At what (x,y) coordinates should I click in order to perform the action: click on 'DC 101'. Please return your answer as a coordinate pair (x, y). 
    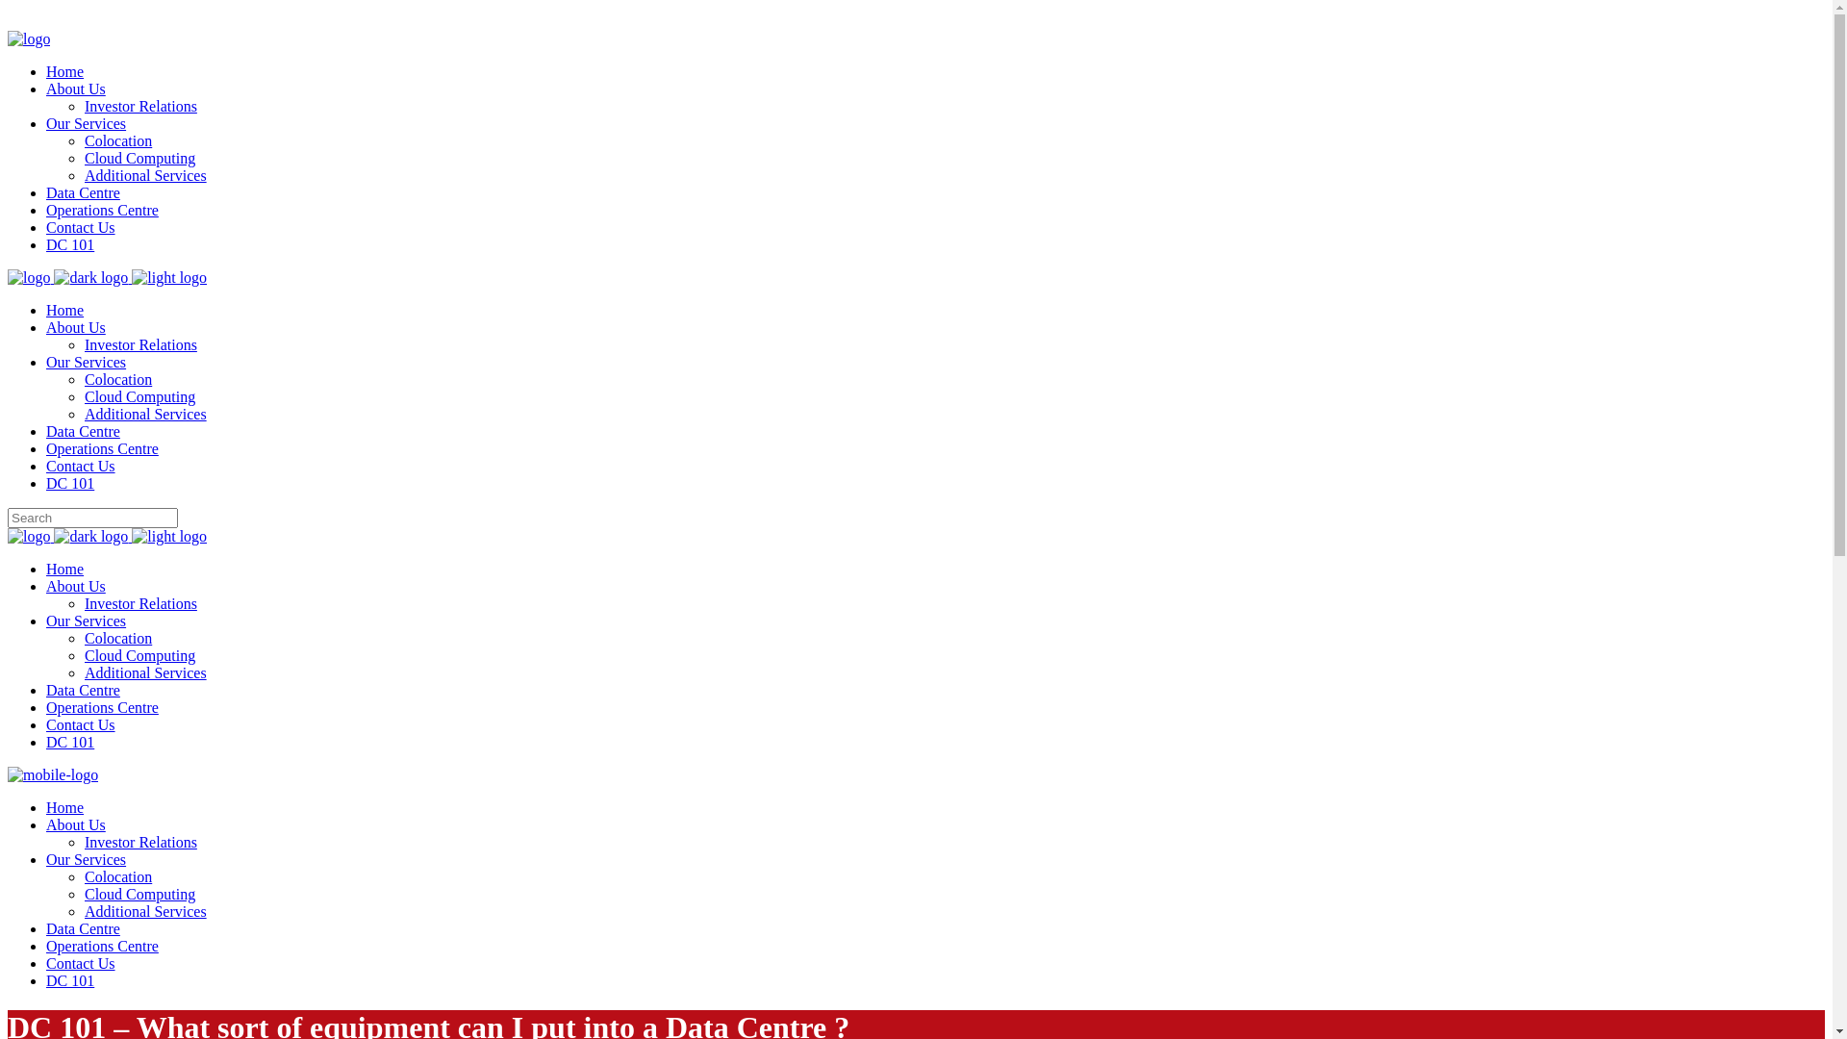
    Looking at the image, I should click on (46, 980).